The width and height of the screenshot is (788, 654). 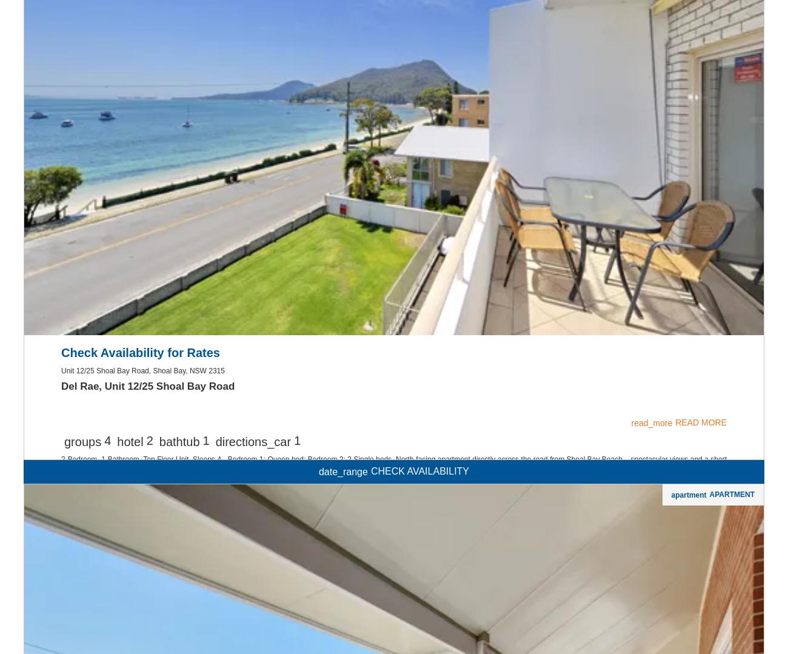 What do you see at coordinates (369, 110) in the screenshot?
I see `'Washer / Dryer'` at bounding box center [369, 110].